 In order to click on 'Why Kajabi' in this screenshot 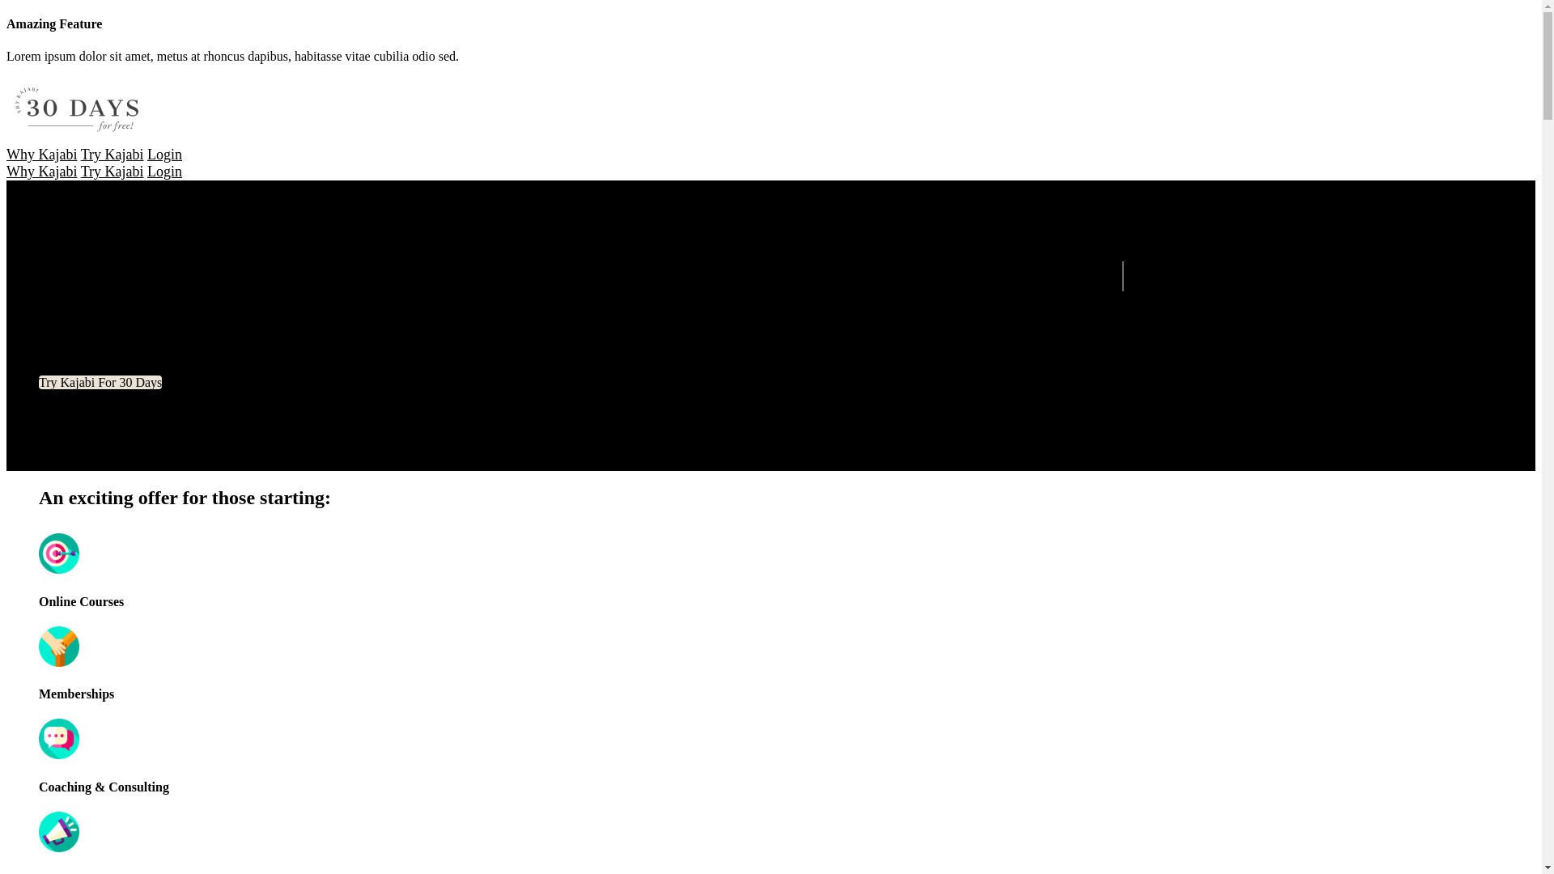, I will do `click(41, 155)`.